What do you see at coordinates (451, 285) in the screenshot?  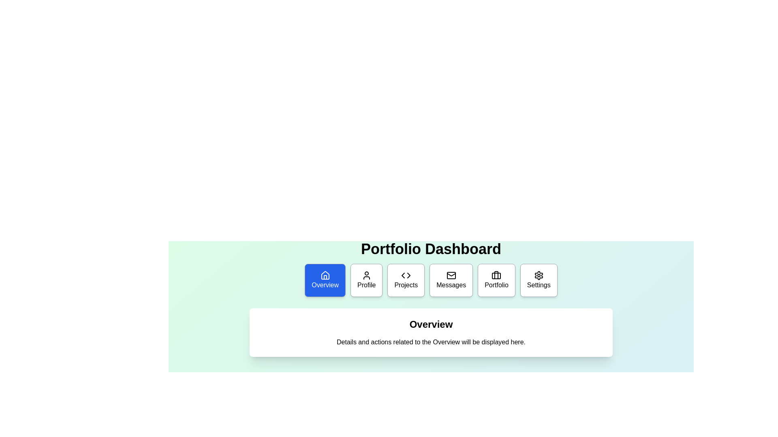 I see `text label displaying 'Messages' located at the center of the Messages interface block beneath the envelope icon` at bounding box center [451, 285].